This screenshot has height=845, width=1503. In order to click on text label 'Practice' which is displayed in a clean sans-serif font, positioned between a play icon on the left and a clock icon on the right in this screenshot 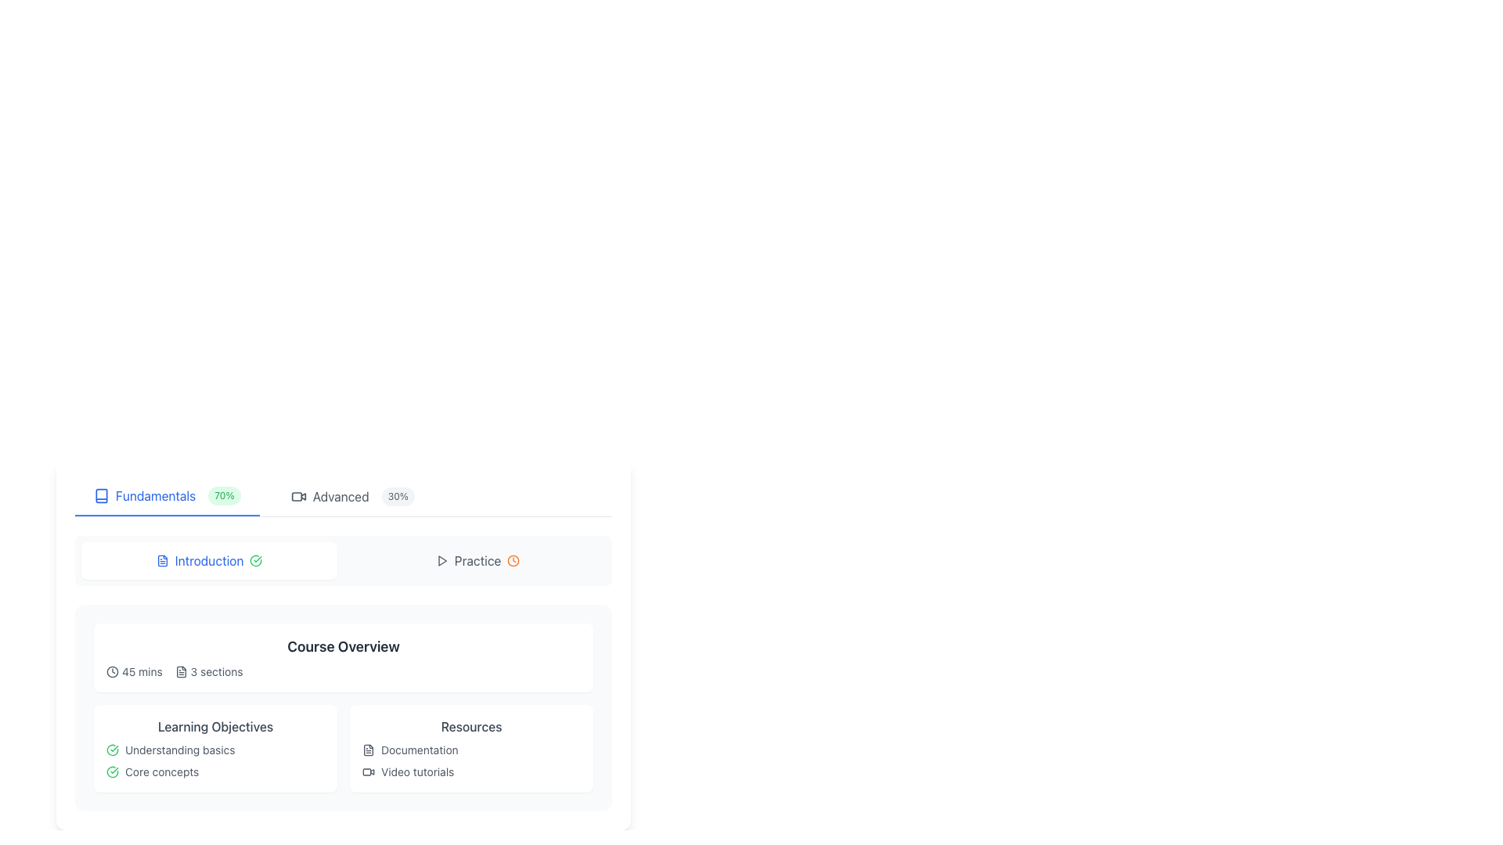, I will do `click(477, 560)`.